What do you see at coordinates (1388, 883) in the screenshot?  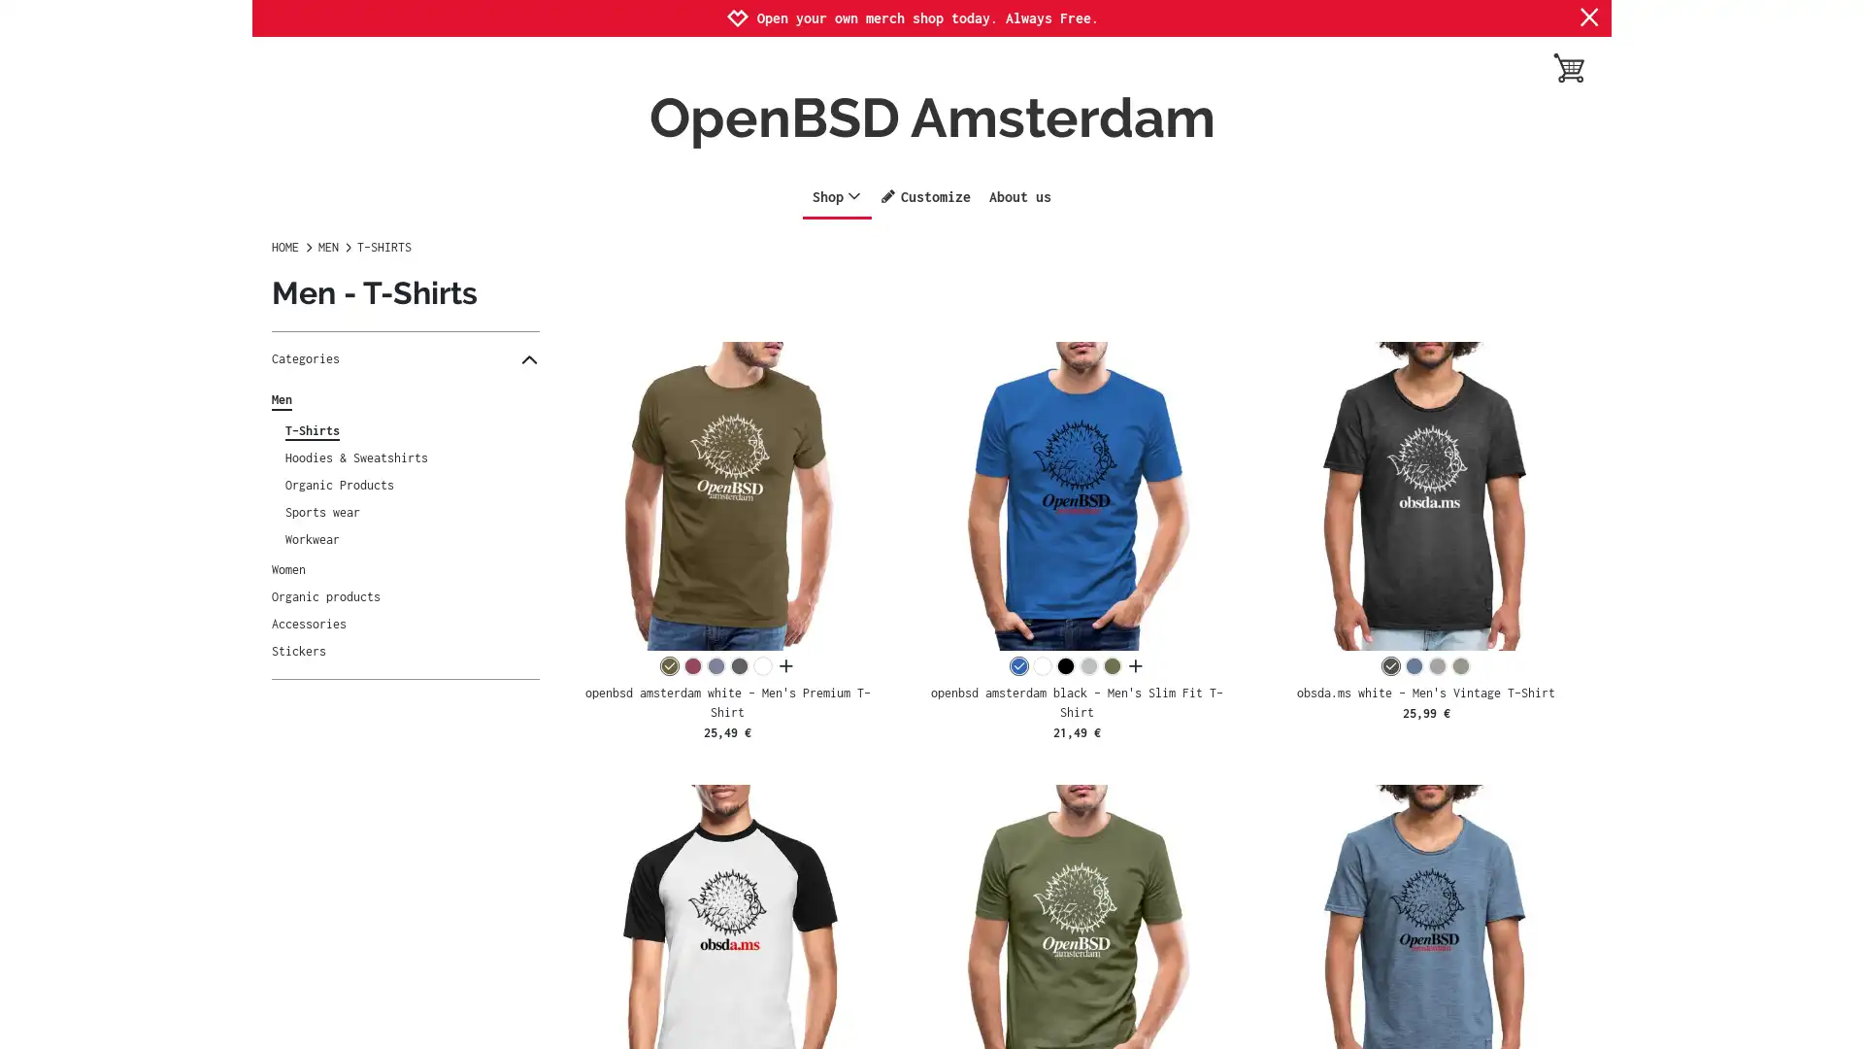 I see `Settings` at bounding box center [1388, 883].